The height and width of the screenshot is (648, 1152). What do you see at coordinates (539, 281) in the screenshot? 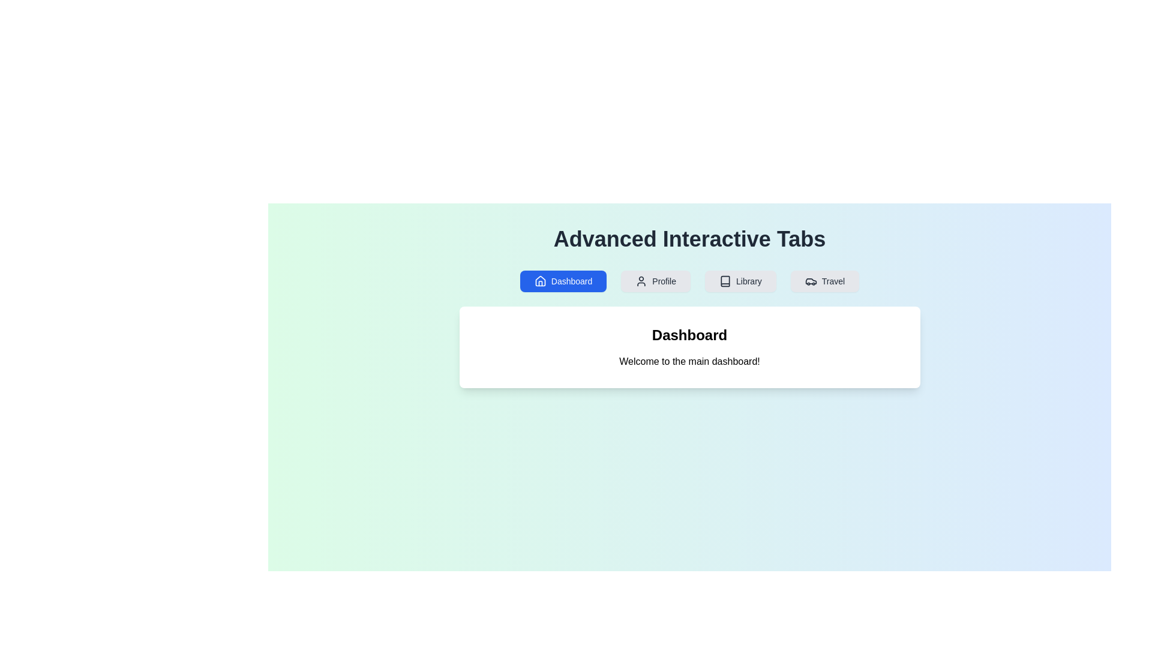
I see `the house-shaped icon in the 'Dashboard' section, located at the top left of the interface, which is part of the navigation menu` at bounding box center [539, 281].